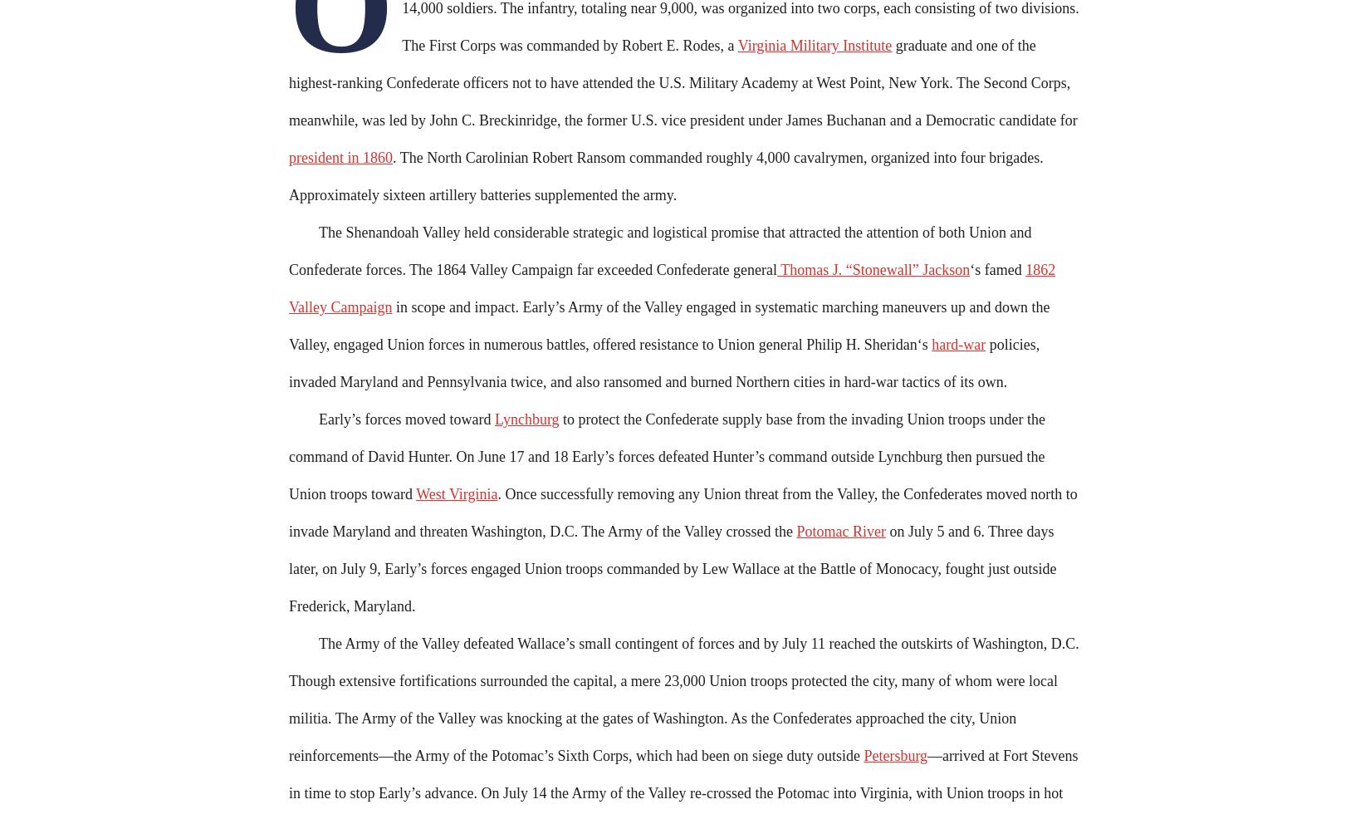 The height and width of the screenshot is (819, 1370). What do you see at coordinates (683, 699) in the screenshot?
I see `'The Army of the Valley defeated Wallace’s small contingent of forces and by July 11 reached the outskirts of Washington, D.C. Though extensive fortifications surrounded the capital, a mere 23,000 Union troops protected the city, many of whom were local militia. The Army of the Valley was knocking at the gates of Washington. As the Confederates approached the city, Union reinforcements—the Army of the Potomac’s Sixth Corps, which had been on siege duty outside'` at bounding box center [683, 699].